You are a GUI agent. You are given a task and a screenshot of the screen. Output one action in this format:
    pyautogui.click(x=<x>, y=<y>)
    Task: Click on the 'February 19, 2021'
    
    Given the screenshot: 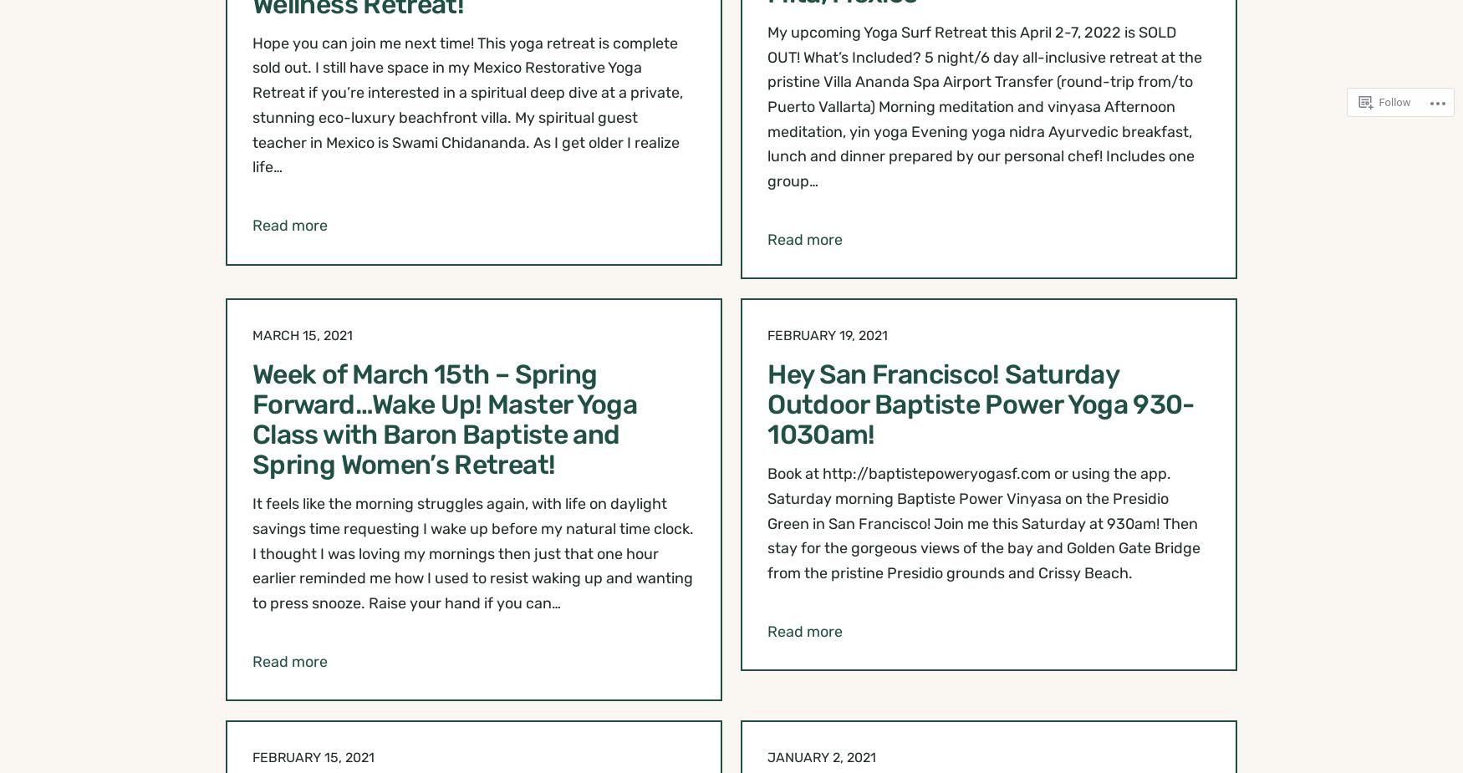 What is the action you would take?
    pyautogui.click(x=827, y=333)
    